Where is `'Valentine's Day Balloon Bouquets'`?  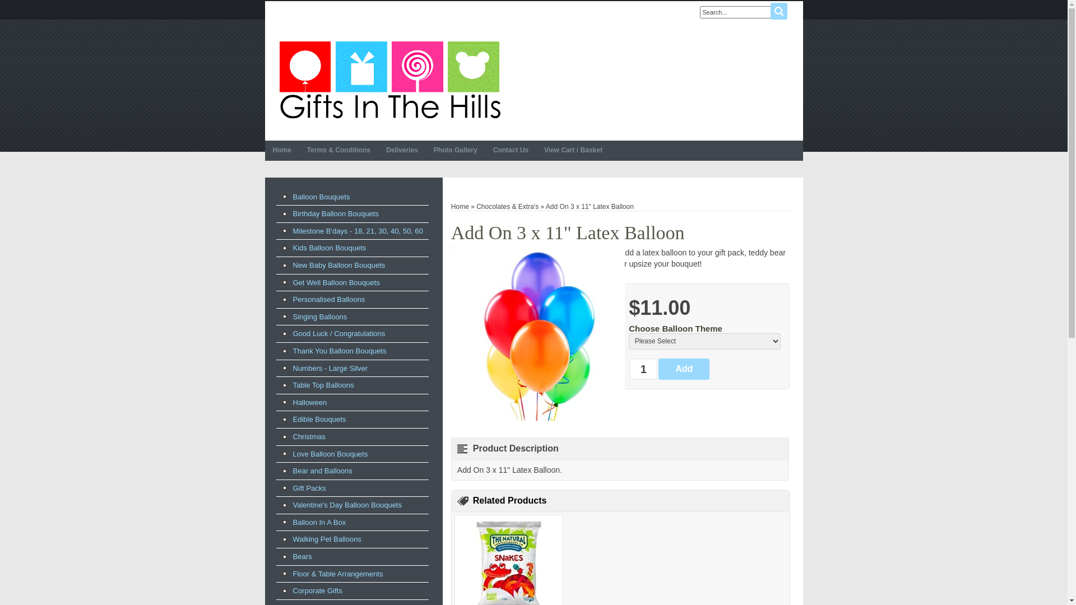
'Valentine's Day Balloon Bouquets' is located at coordinates (351, 505).